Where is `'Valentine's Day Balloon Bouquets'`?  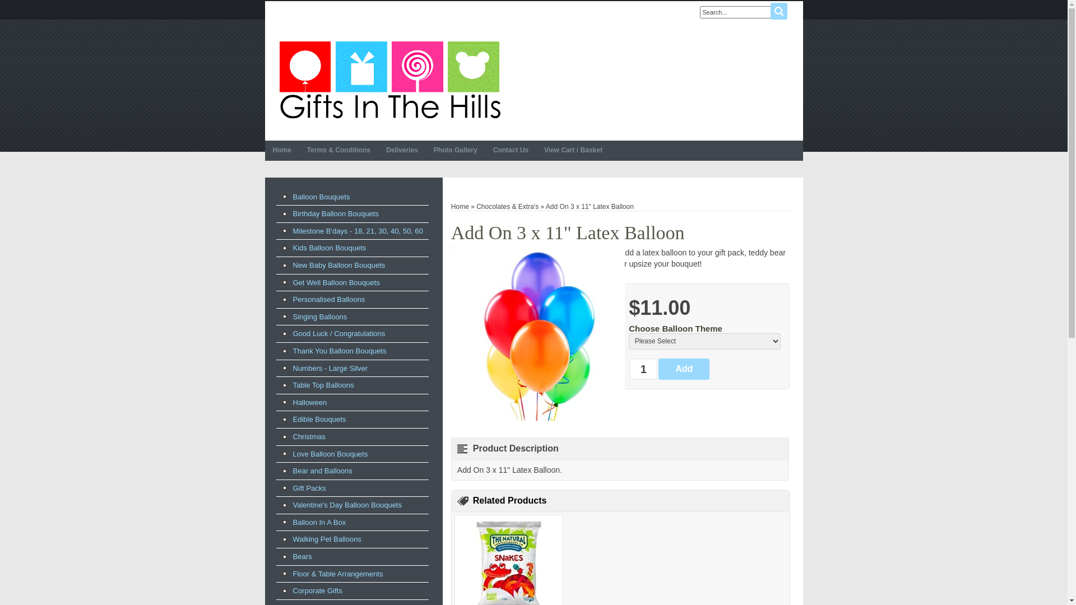
'Valentine's Day Balloon Bouquets' is located at coordinates (351, 505).